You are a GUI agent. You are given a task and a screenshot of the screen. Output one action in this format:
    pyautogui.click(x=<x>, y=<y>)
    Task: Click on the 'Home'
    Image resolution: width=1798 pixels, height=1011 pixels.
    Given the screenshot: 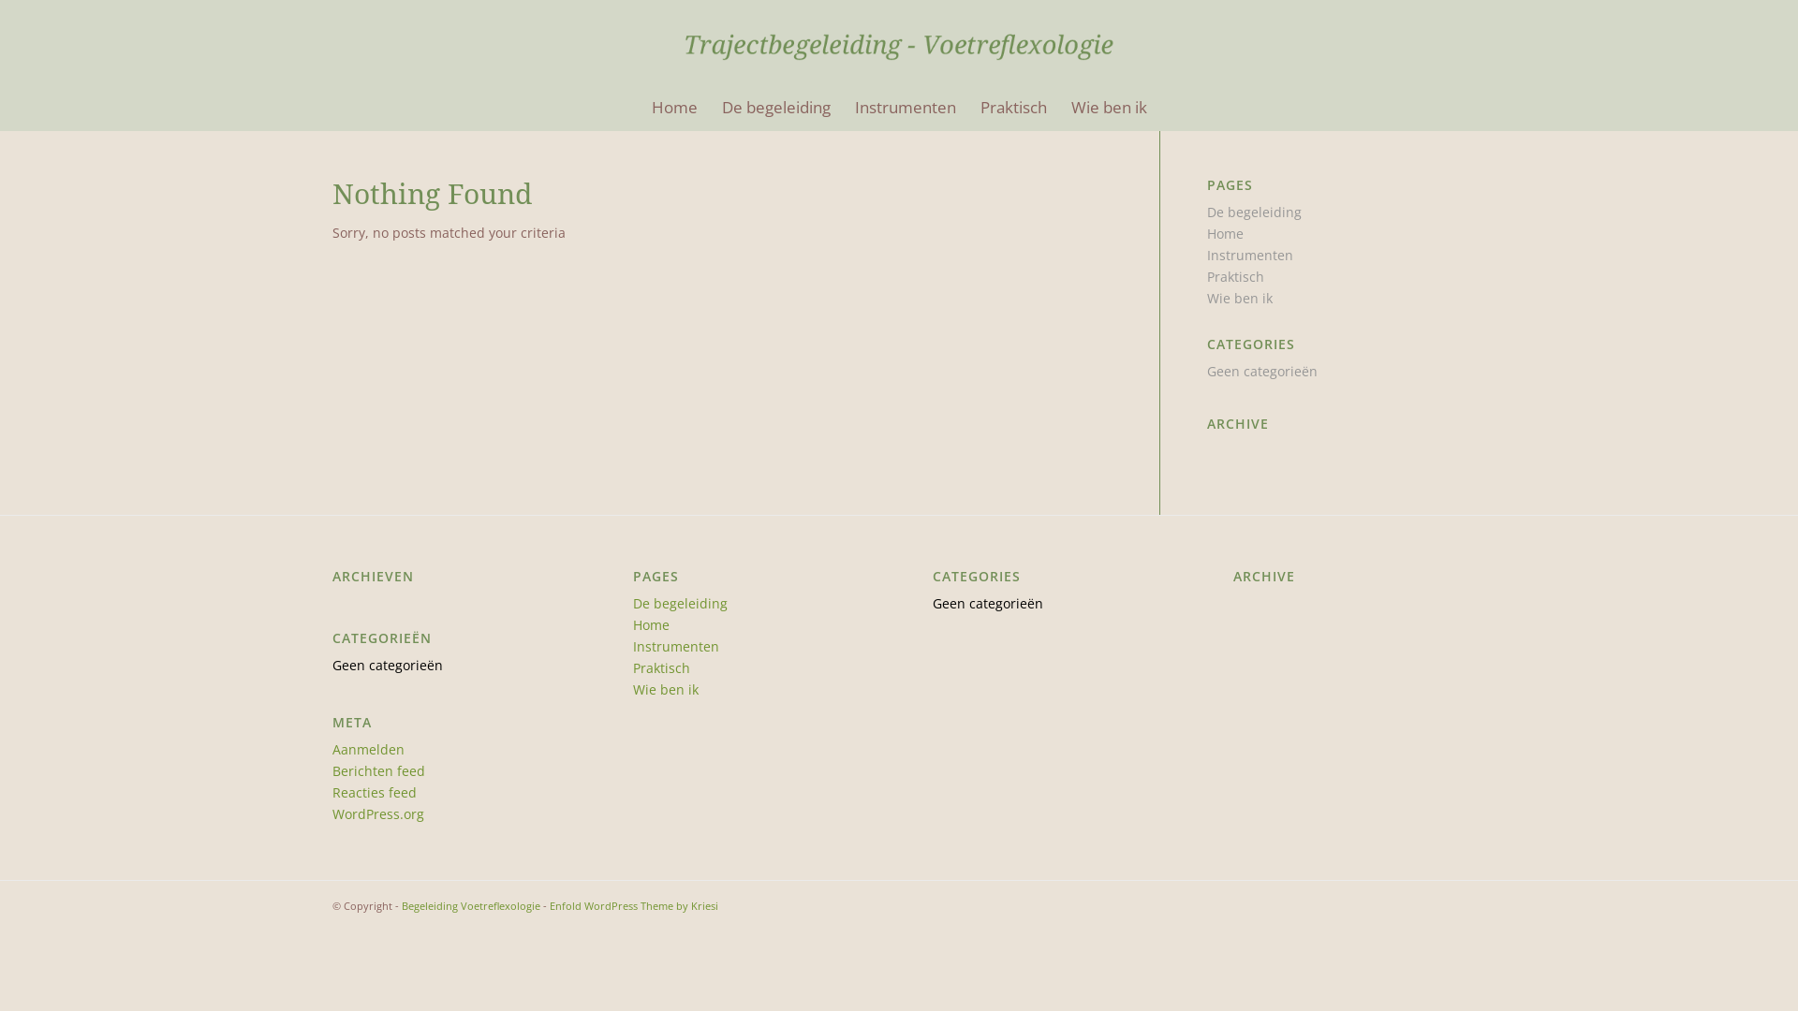 What is the action you would take?
    pyautogui.click(x=673, y=108)
    